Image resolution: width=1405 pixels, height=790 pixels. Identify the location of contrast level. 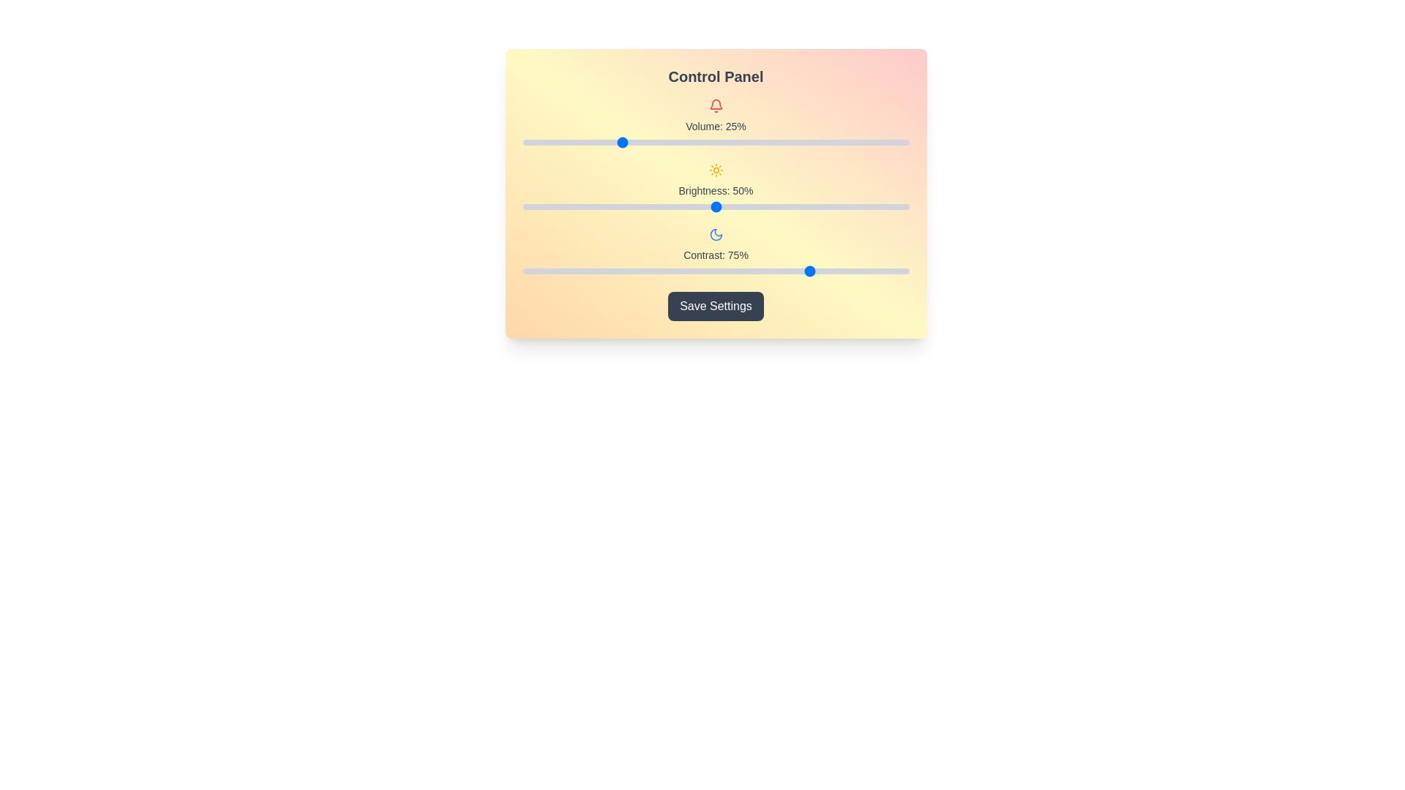
(776, 271).